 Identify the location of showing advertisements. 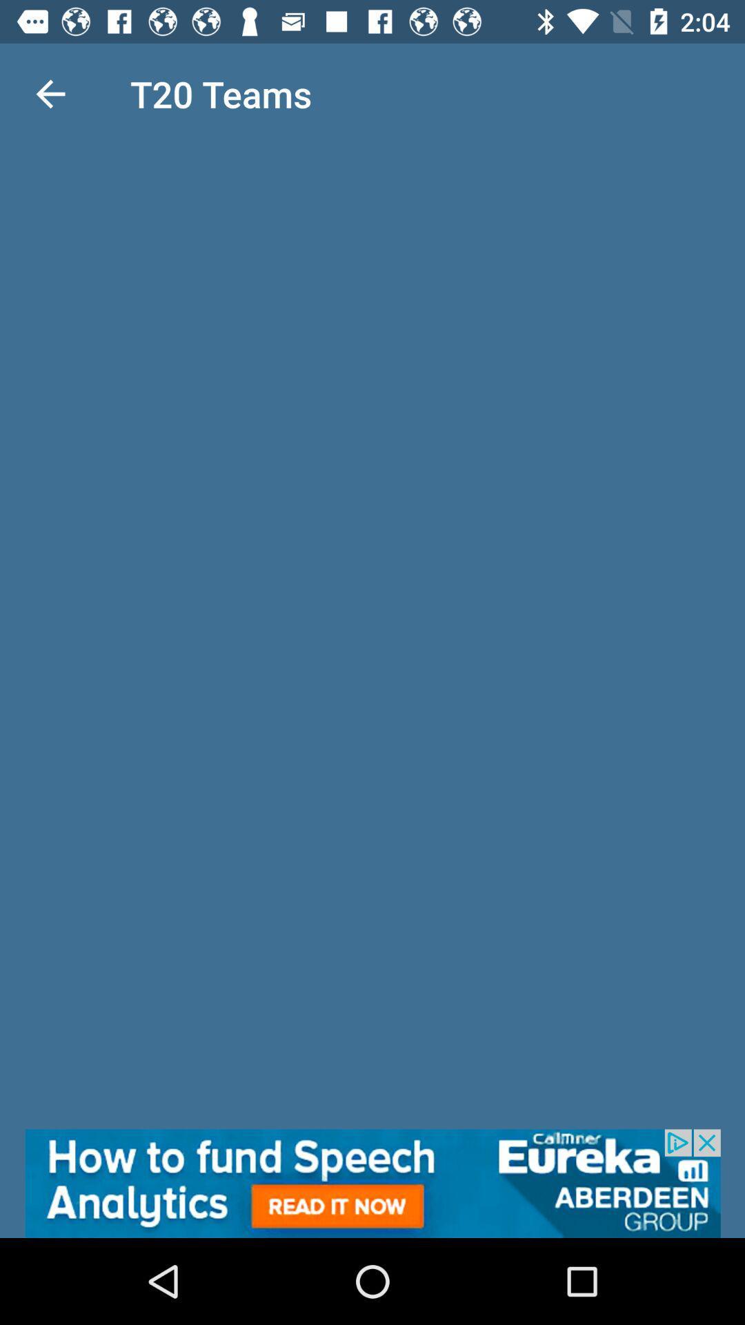
(372, 1183).